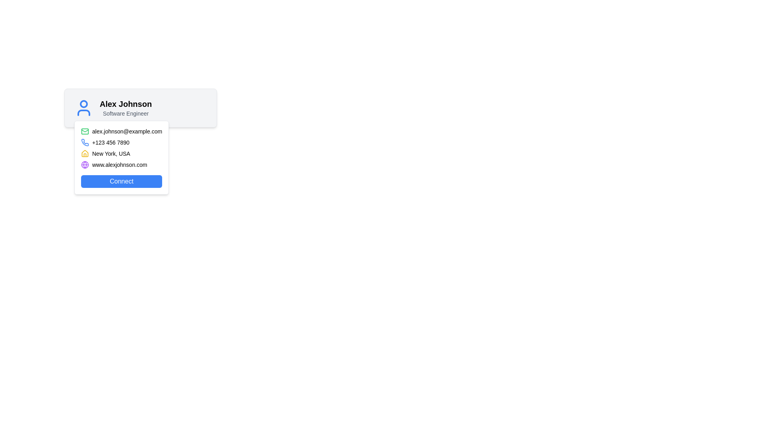  What do you see at coordinates (141, 108) in the screenshot?
I see `Profile Header Section containing the user icon, the name 'Alex Johnson', and the subtitle 'Software Engineer'` at bounding box center [141, 108].